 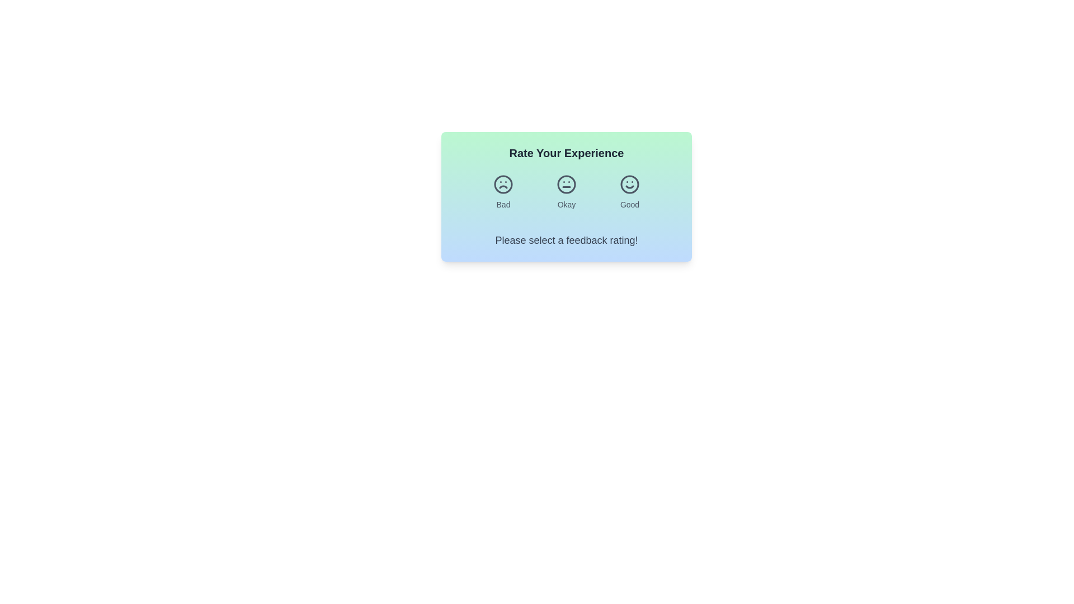 What do you see at coordinates (503, 191) in the screenshot?
I see `the 'Bad' feedback button` at bounding box center [503, 191].